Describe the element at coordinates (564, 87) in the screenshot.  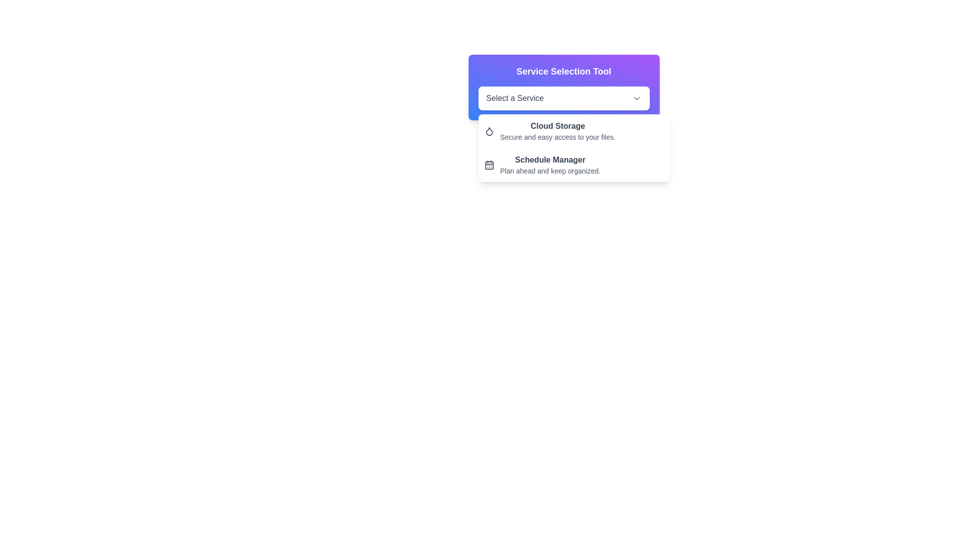
I see `the dropdown menu located in the header area which contains a title and allows users` at that location.